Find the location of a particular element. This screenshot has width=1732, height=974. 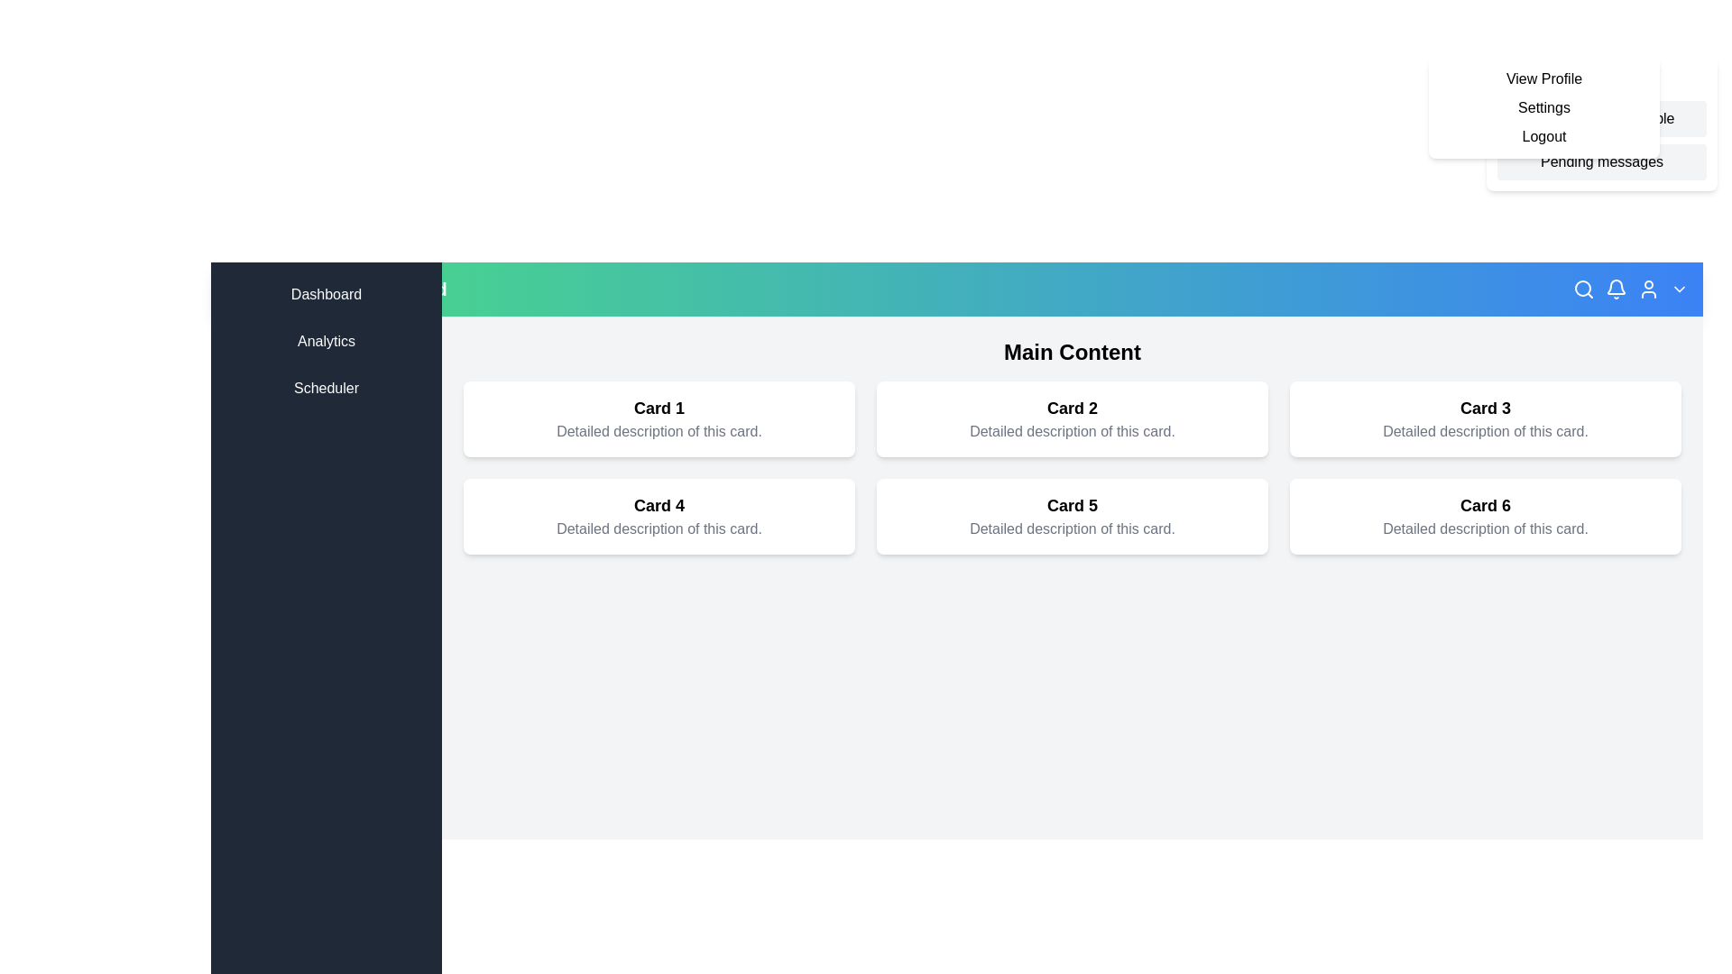

the 'Logout' button-like text link in the dropdown menu to change its color to blue is located at coordinates (1543, 135).